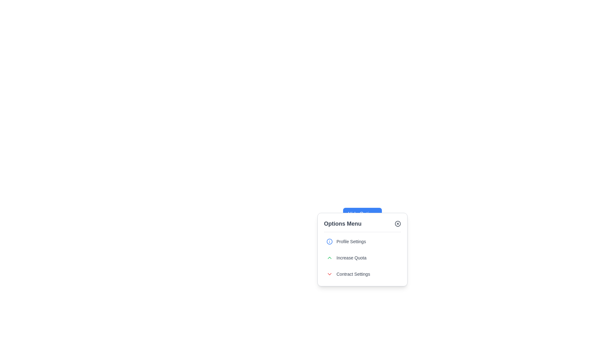  Describe the element at coordinates (362, 258) in the screenshot. I see `the second interactive menu item in the dropdown menu` at that location.